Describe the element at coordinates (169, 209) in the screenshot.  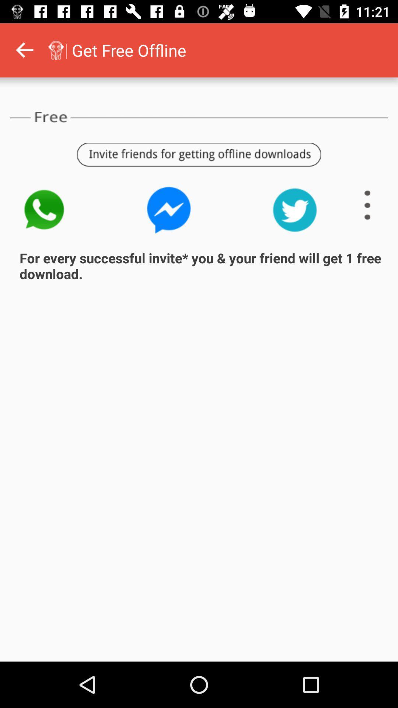
I see `invite with whatsapp` at that location.